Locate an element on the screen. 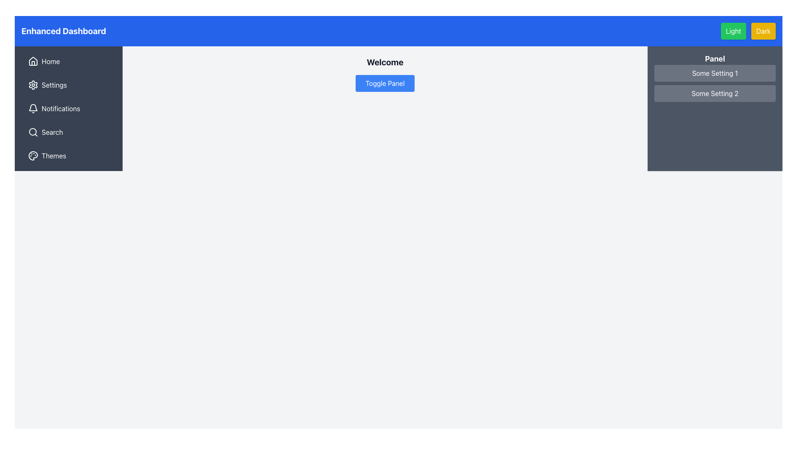  the 'Notifications' icon, which is represented by a bell symbol located at the start of the vertical navigation menu on the left-hand side of the interface is located at coordinates (33, 108).